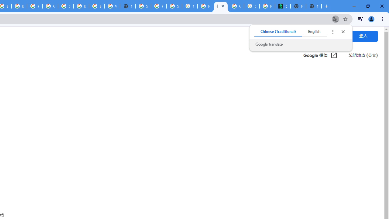 This screenshot has width=389, height=219. What do you see at coordinates (332, 32) in the screenshot?
I see `'Translate options'` at bounding box center [332, 32].